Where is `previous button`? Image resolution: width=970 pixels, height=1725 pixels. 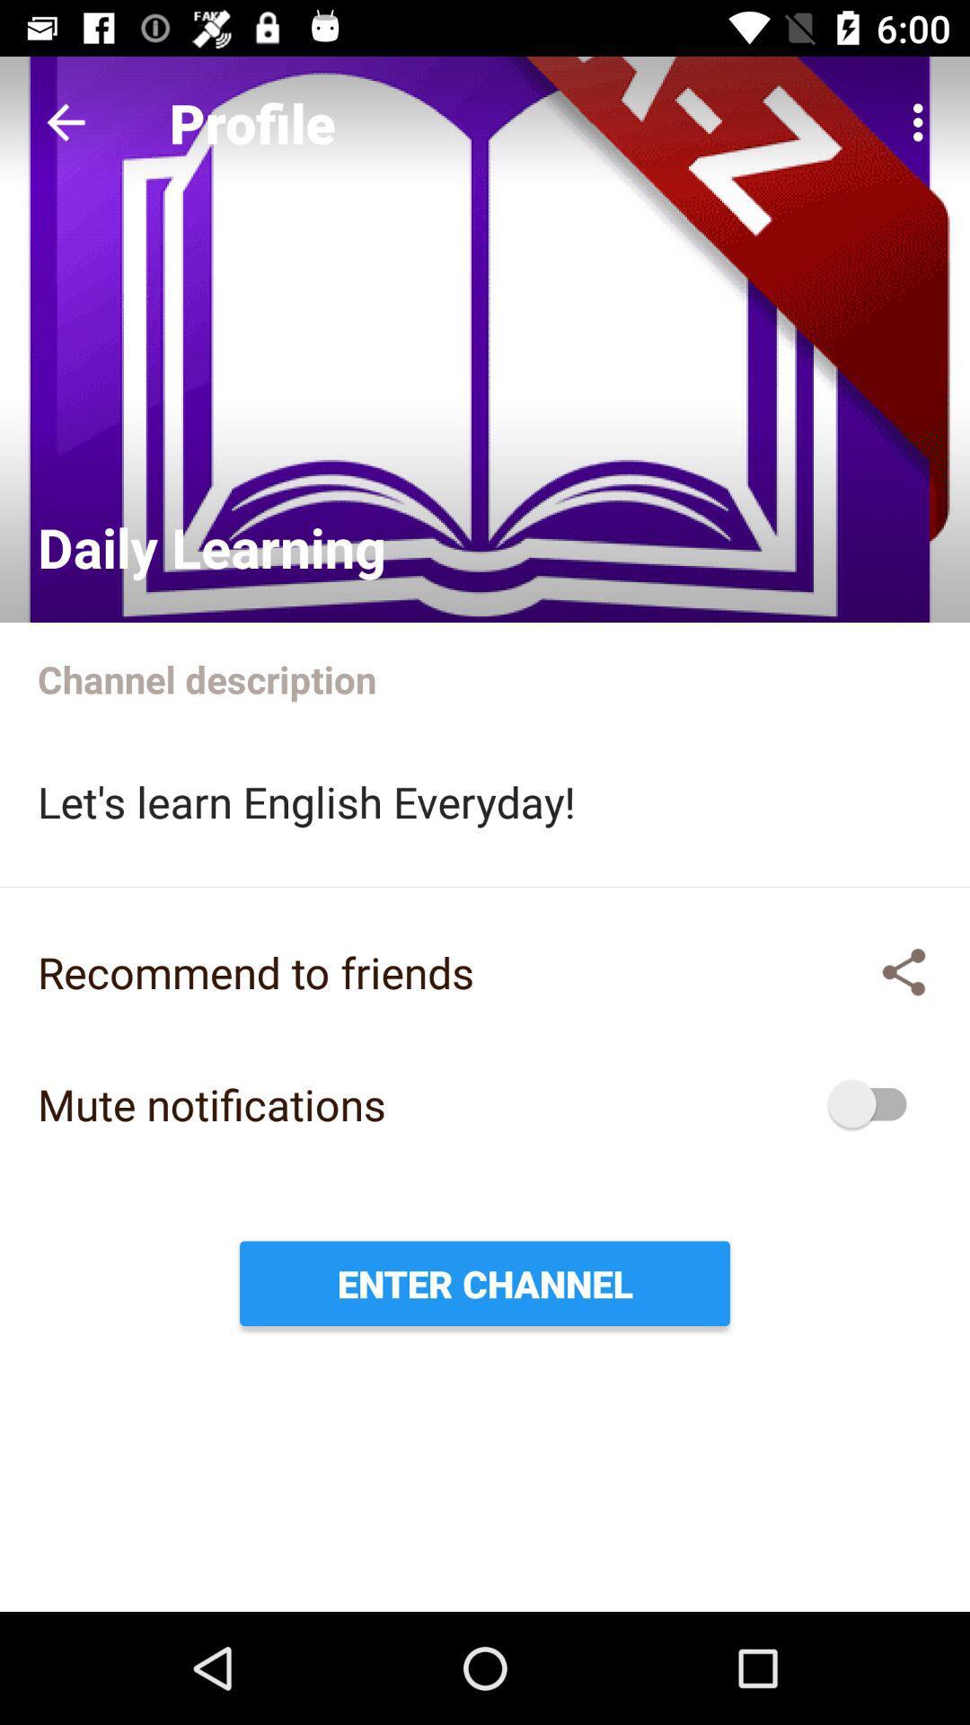 previous button is located at coordinates (65, 121).